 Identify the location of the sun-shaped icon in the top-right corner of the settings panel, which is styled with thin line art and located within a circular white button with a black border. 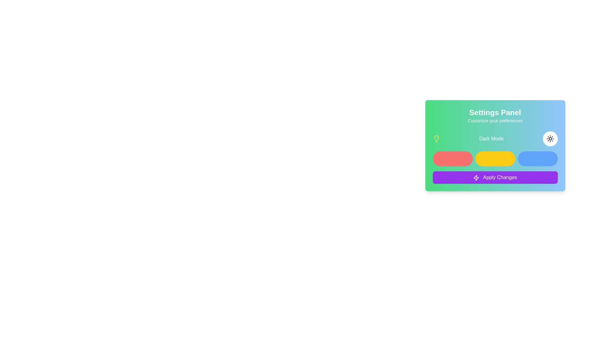
(550, 138).